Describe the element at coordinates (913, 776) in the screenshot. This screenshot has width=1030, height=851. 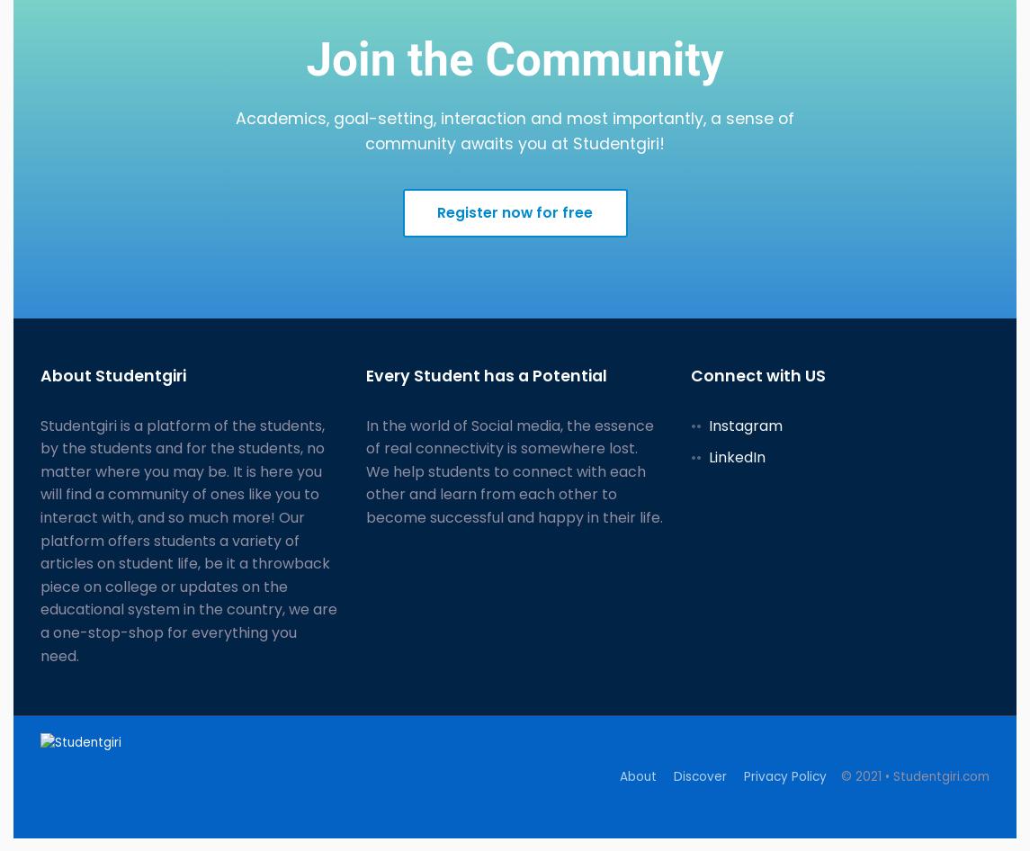
I see `'© 2021 • Studentgiri.com'` at that location.